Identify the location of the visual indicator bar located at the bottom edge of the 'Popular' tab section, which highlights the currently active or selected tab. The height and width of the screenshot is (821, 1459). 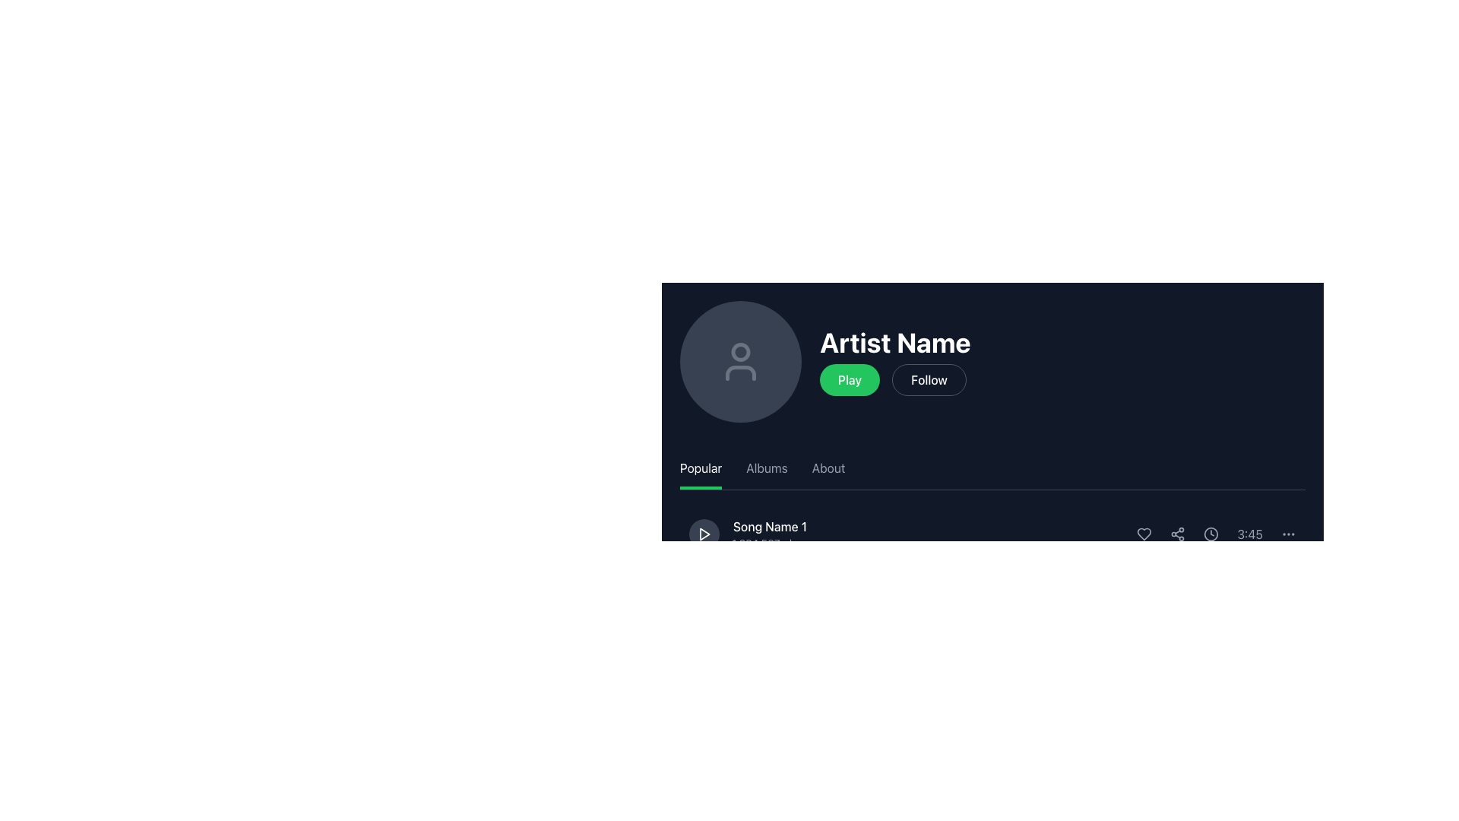
(700, 487).